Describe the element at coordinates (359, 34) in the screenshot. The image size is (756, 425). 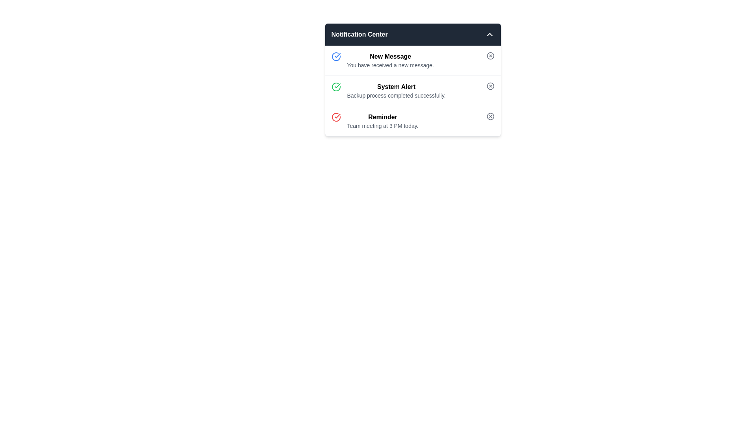
I see `the label that serves as the title for the notification panel, located in the header area and aligned to the left` at that location.